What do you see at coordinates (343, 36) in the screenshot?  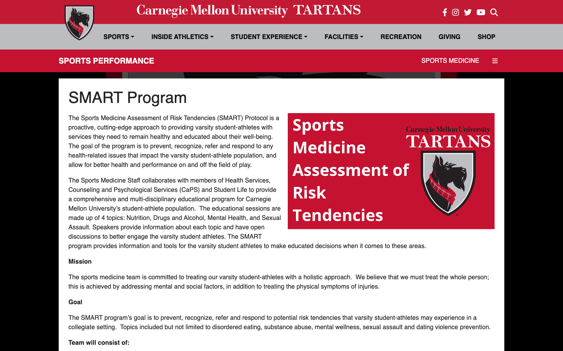 I see `Drop Down for Facilities` at bounding box center [343, 36].